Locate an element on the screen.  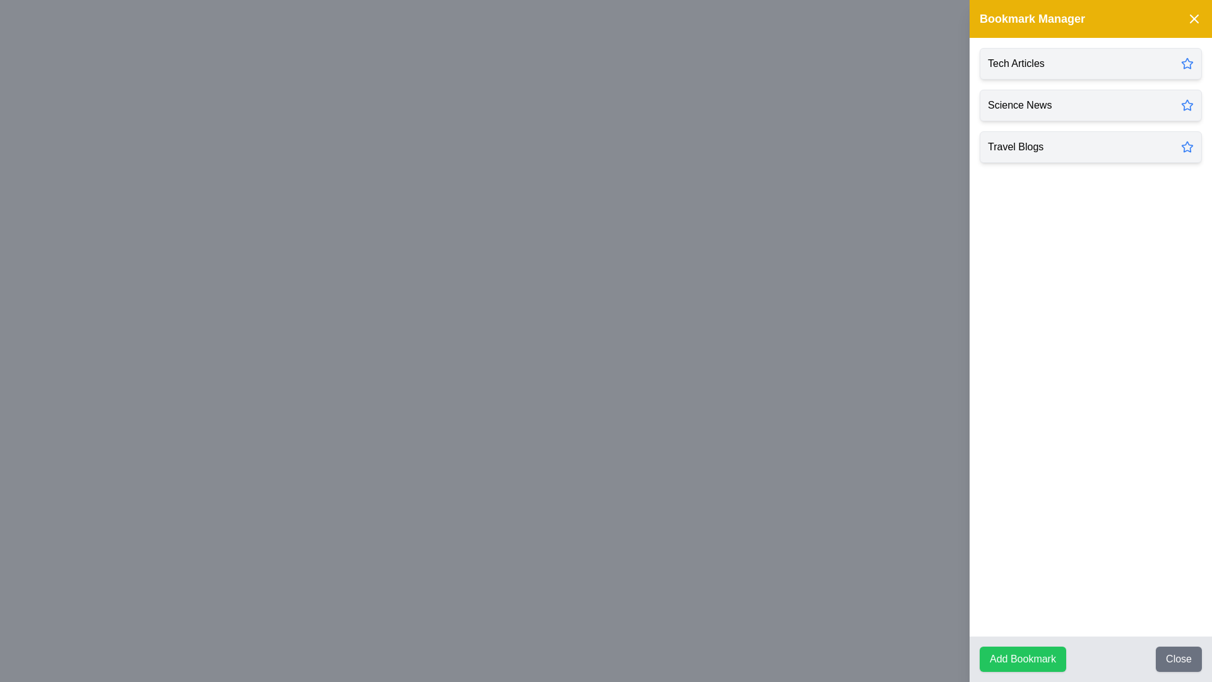
the bookmark icon located inside the floating yellow circular button in the top-right corner of the interface is located at coordinates (1184, 27).